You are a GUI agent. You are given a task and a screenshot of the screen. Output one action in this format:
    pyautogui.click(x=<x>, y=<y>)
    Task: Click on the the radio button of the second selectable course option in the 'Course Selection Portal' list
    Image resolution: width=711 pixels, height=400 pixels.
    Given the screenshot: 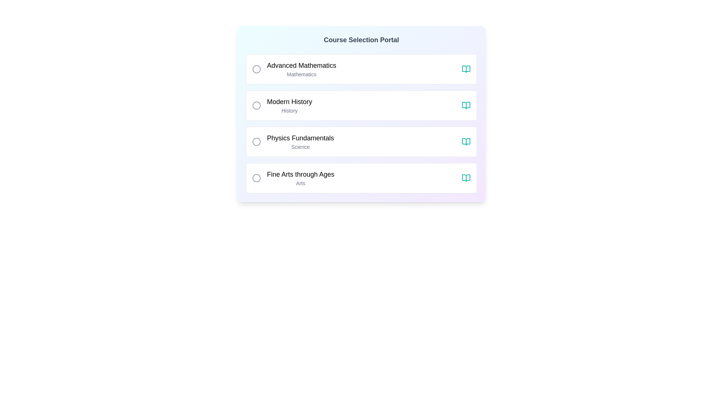 What is the action you would take?
    pyautogui.click(x=282, y=106)
    